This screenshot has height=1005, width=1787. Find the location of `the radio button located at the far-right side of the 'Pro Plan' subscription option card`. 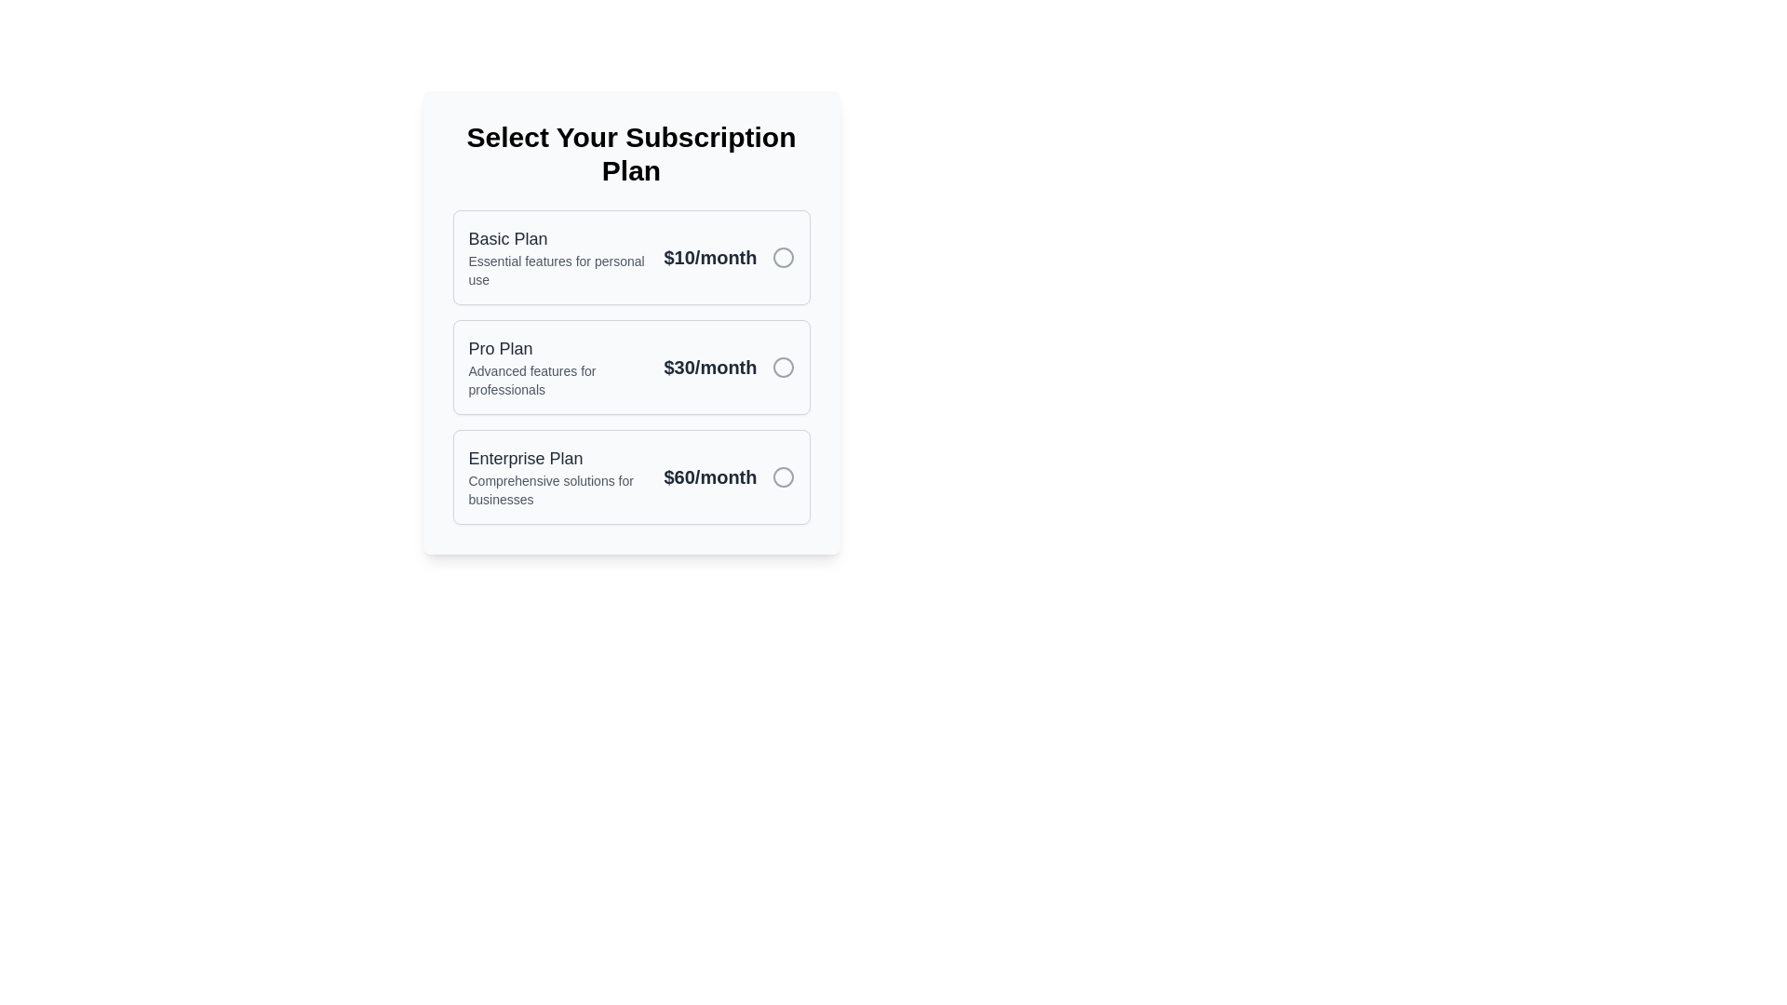

the radio button located at the far-right side of the 'Pro Plan' subscription option card is located at coordinates (783, 367).